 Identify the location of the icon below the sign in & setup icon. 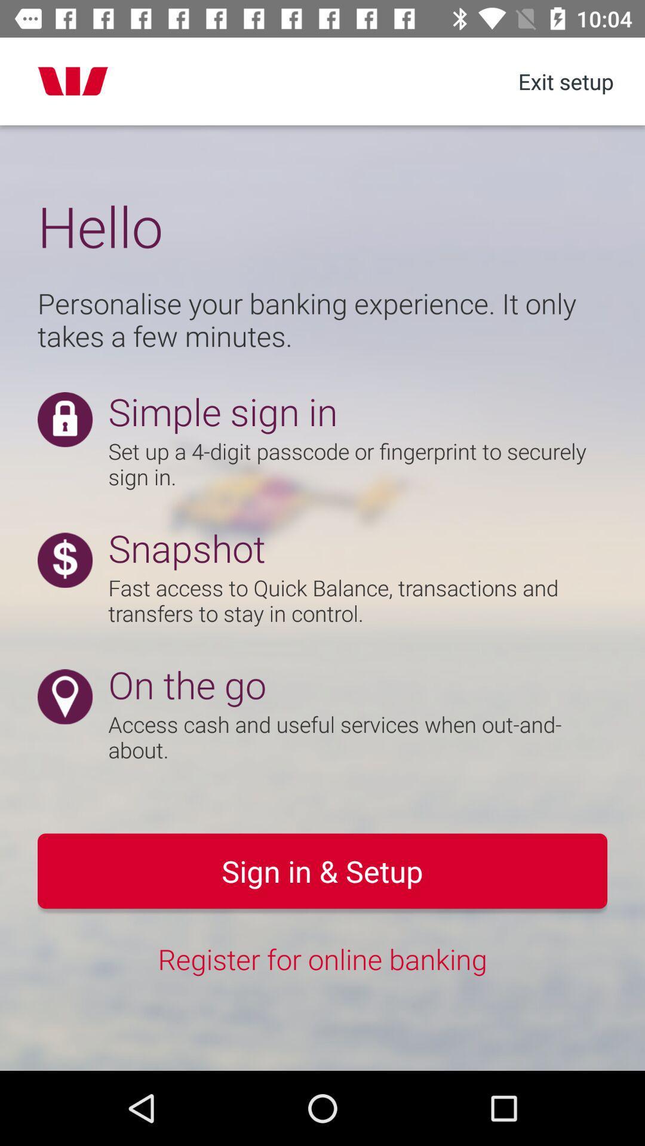
(322, 959).